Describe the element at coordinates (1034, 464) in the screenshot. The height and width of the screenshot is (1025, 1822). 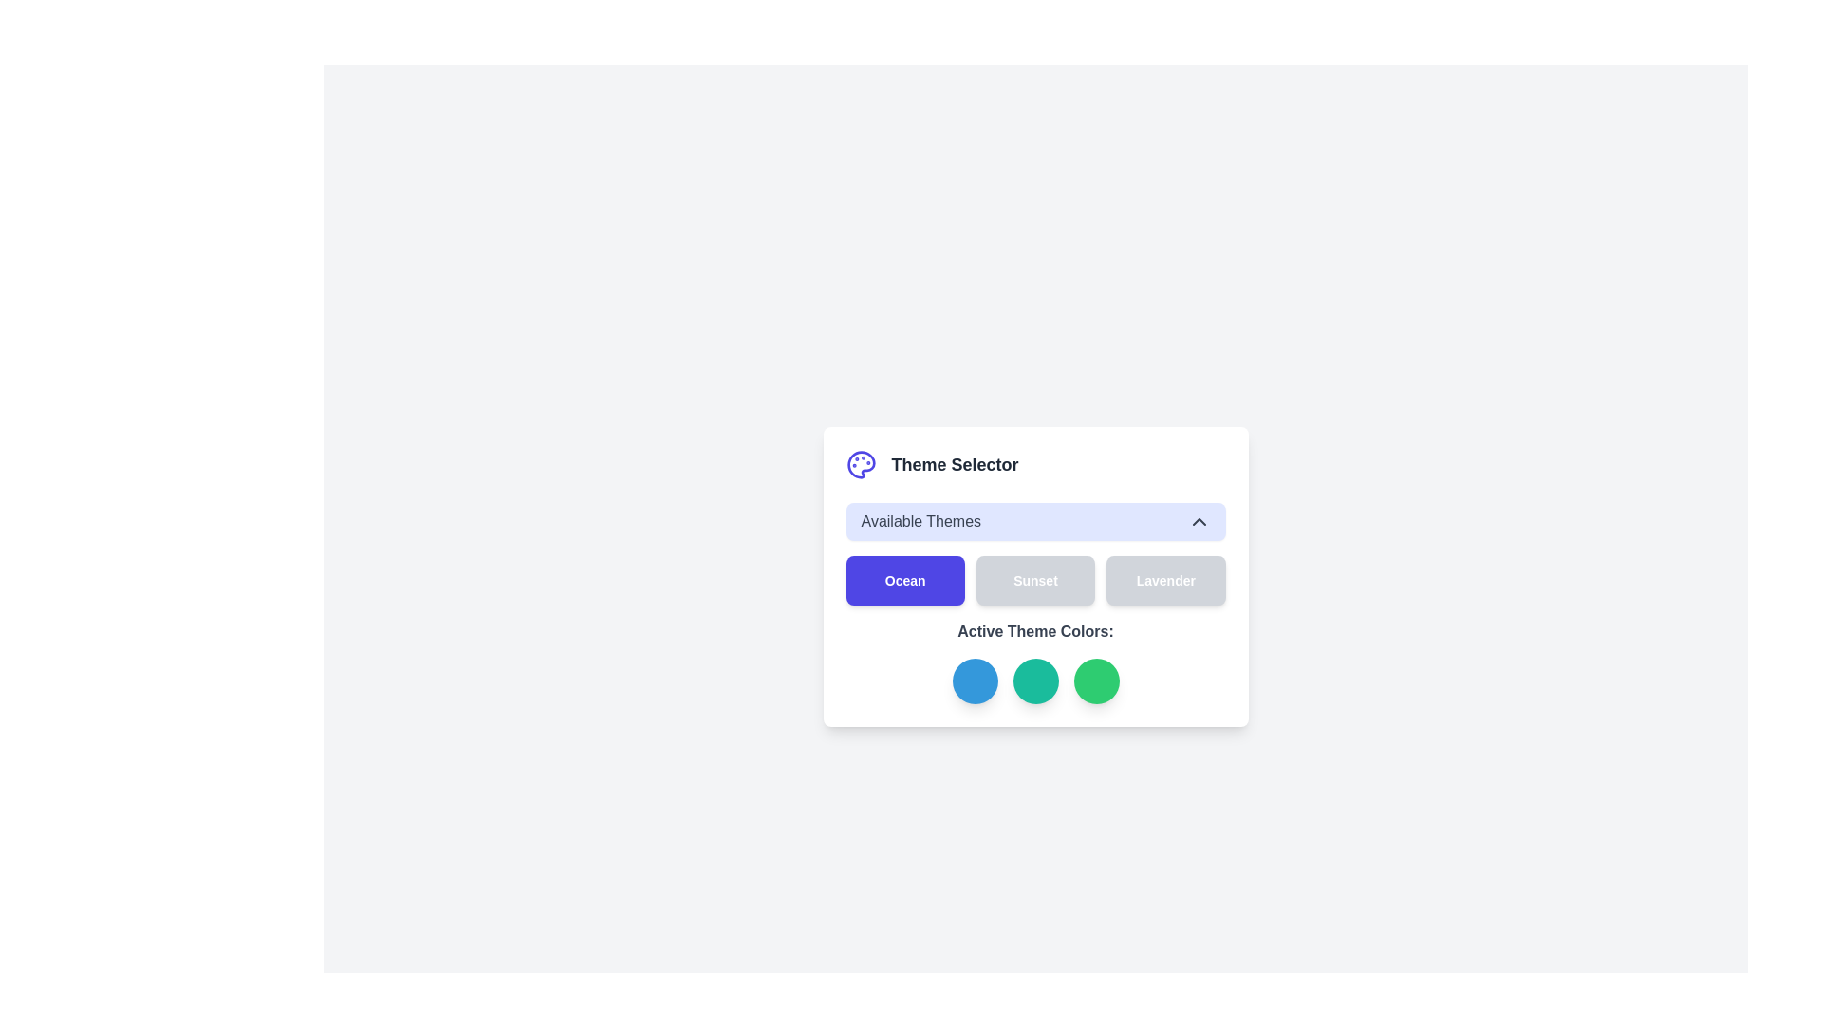
I see `the 'Theme Selector' label with the palette icon for accessibility` at that location.